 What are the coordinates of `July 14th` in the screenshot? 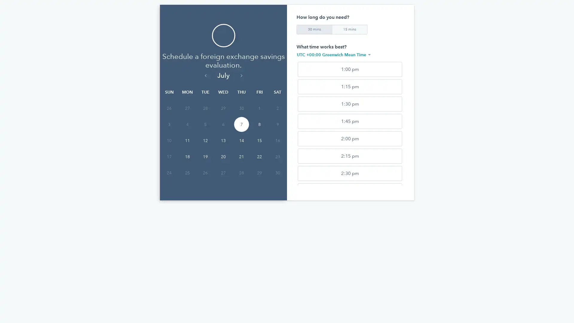 It's located at (241, 141).